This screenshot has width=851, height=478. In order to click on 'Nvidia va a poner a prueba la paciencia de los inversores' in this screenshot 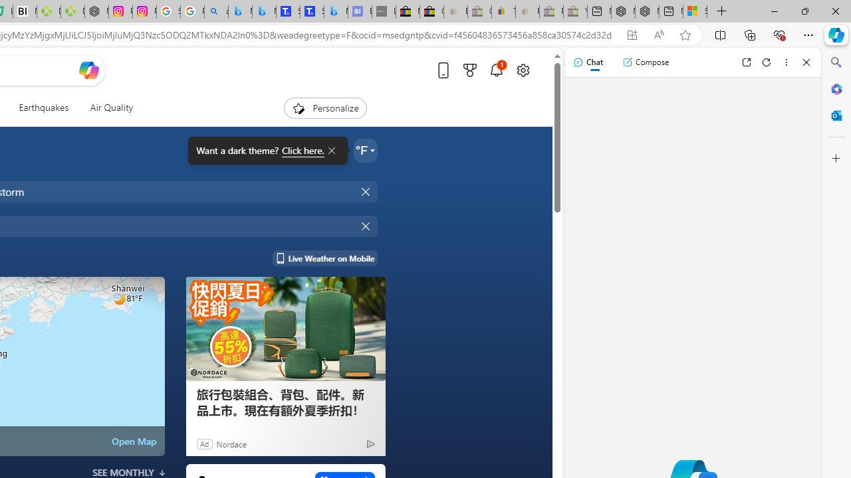, I will do `click(25, 11)`.